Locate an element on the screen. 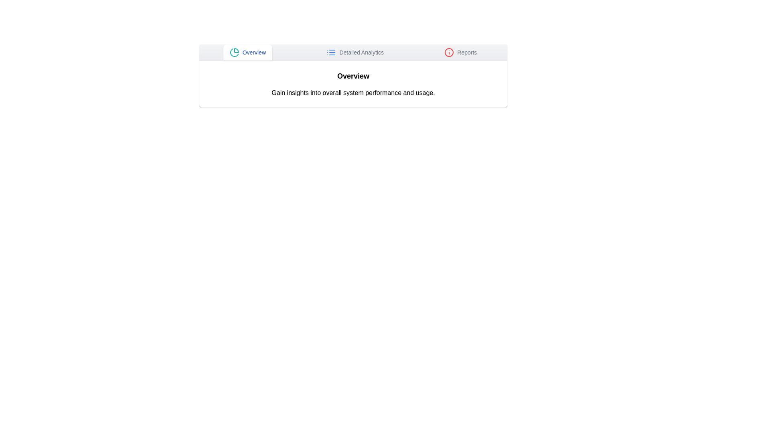 Image resolution: width=770 pixels, height=433 pixels. the tab labeled Detailed Analytics is located at coordinates (355, 53).